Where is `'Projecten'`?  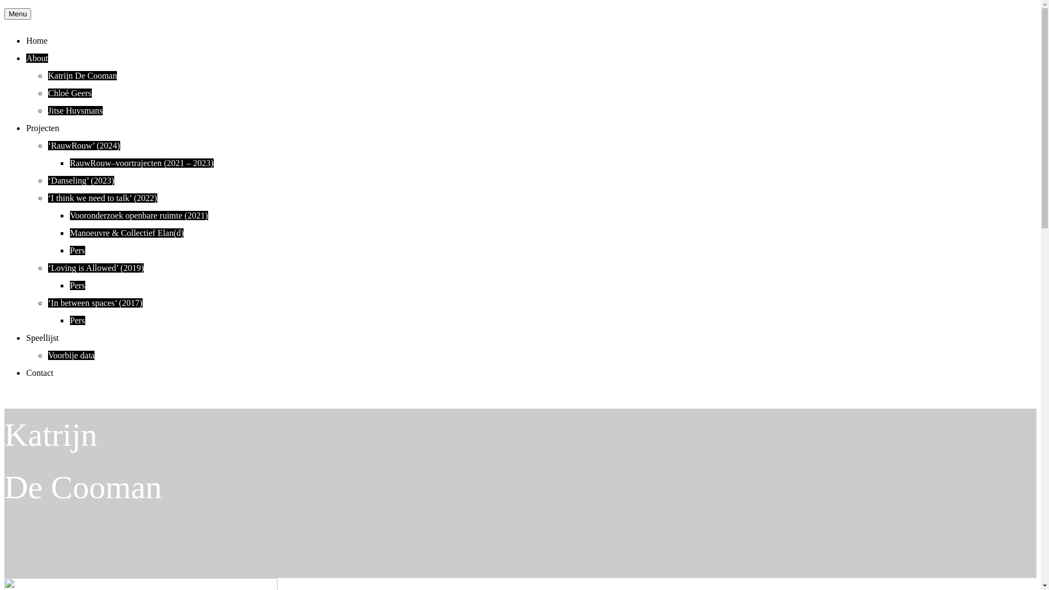 'Projecten' is located at coordinates (42, 127).